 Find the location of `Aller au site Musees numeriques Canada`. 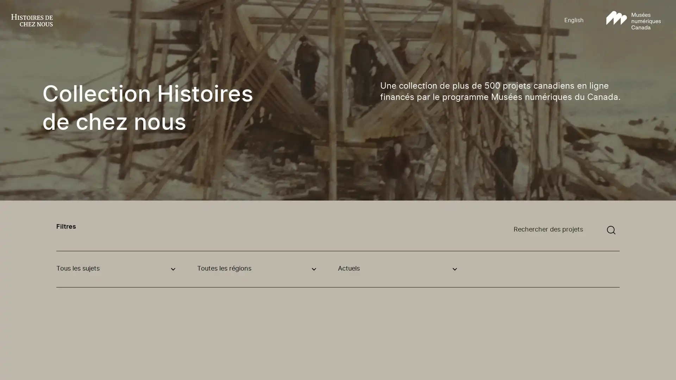

Aller au site Musees numeriques Canada is located at coordinates (633, 20).